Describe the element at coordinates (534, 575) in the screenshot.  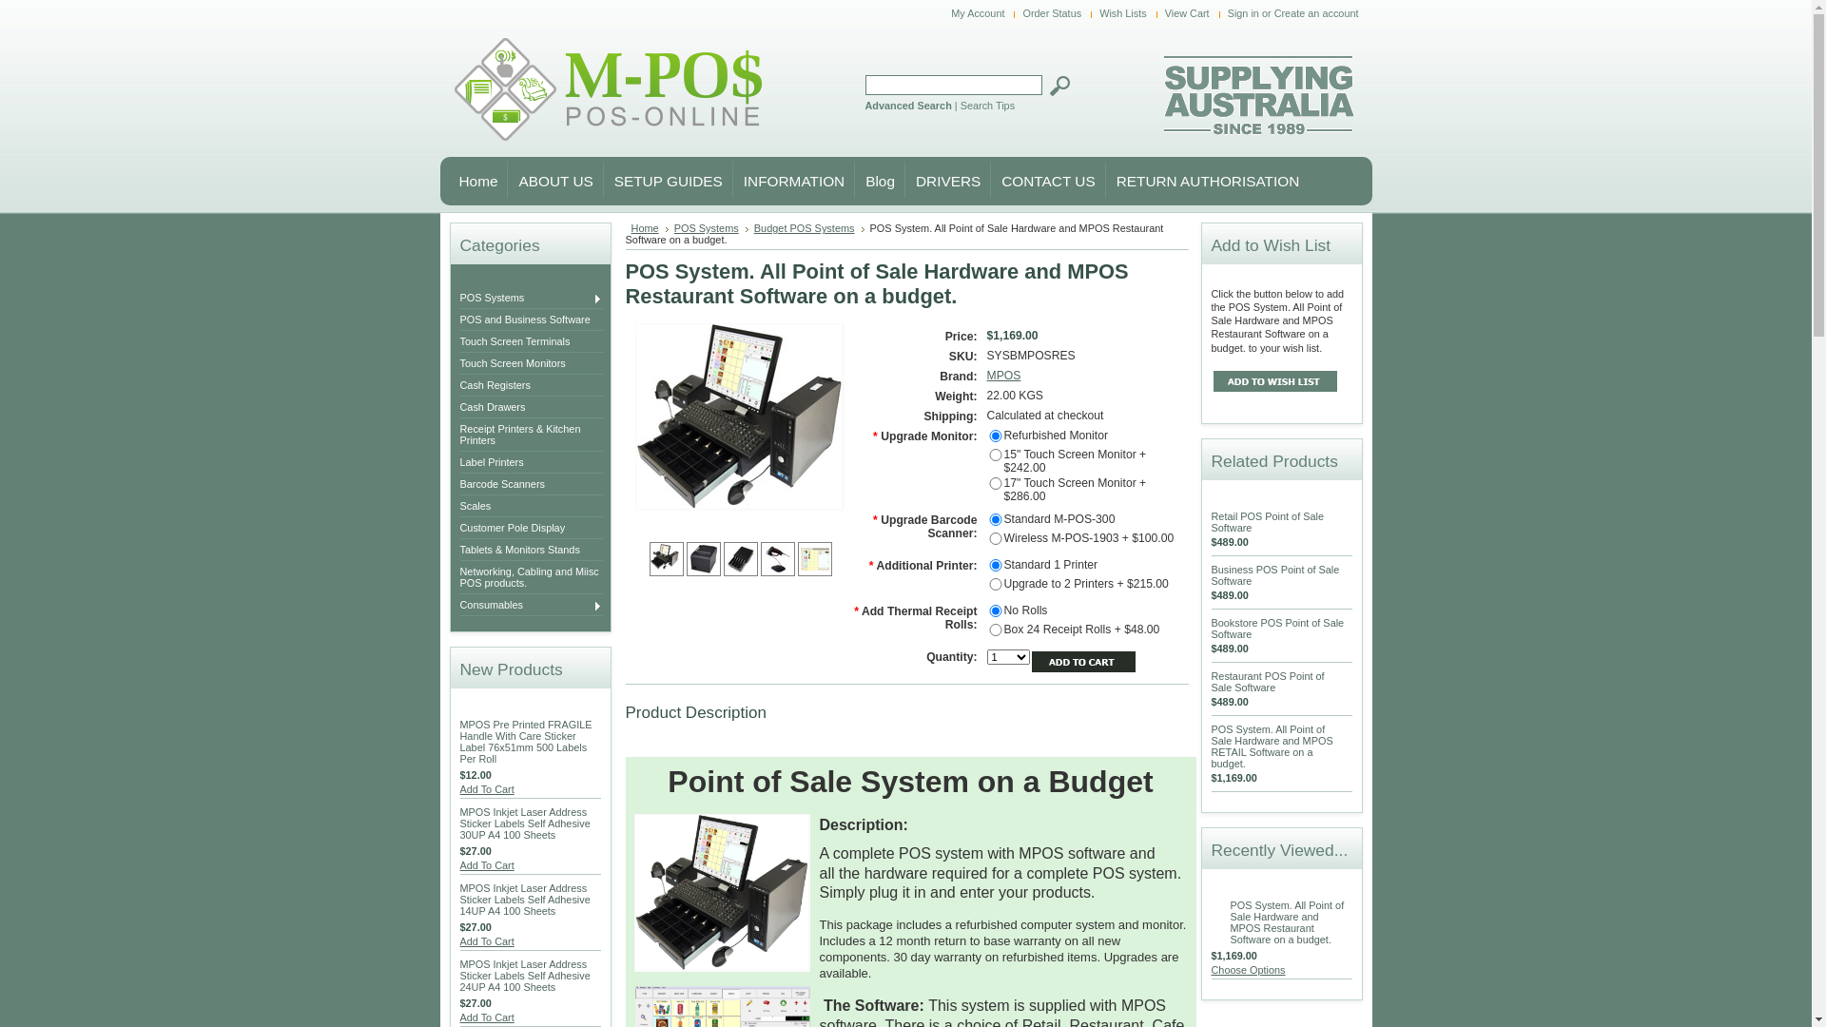
I see `'Networking, Cabling and Miisc POS products.'` at that location.